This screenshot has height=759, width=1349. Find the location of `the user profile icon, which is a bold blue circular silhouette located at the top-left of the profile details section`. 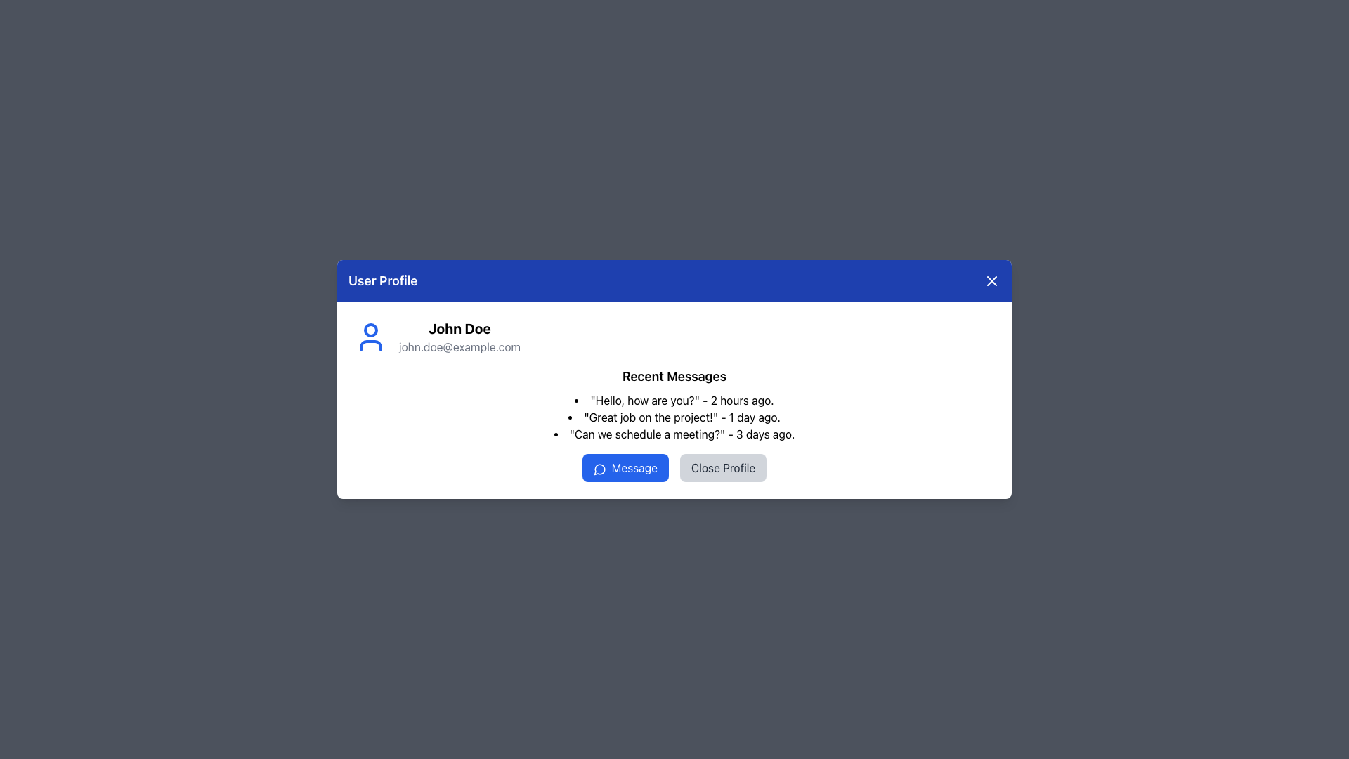

the user profile icon, which is a bold blue circular silhouette located at the top-left of the profile details section is located at coordinates (371, 337).